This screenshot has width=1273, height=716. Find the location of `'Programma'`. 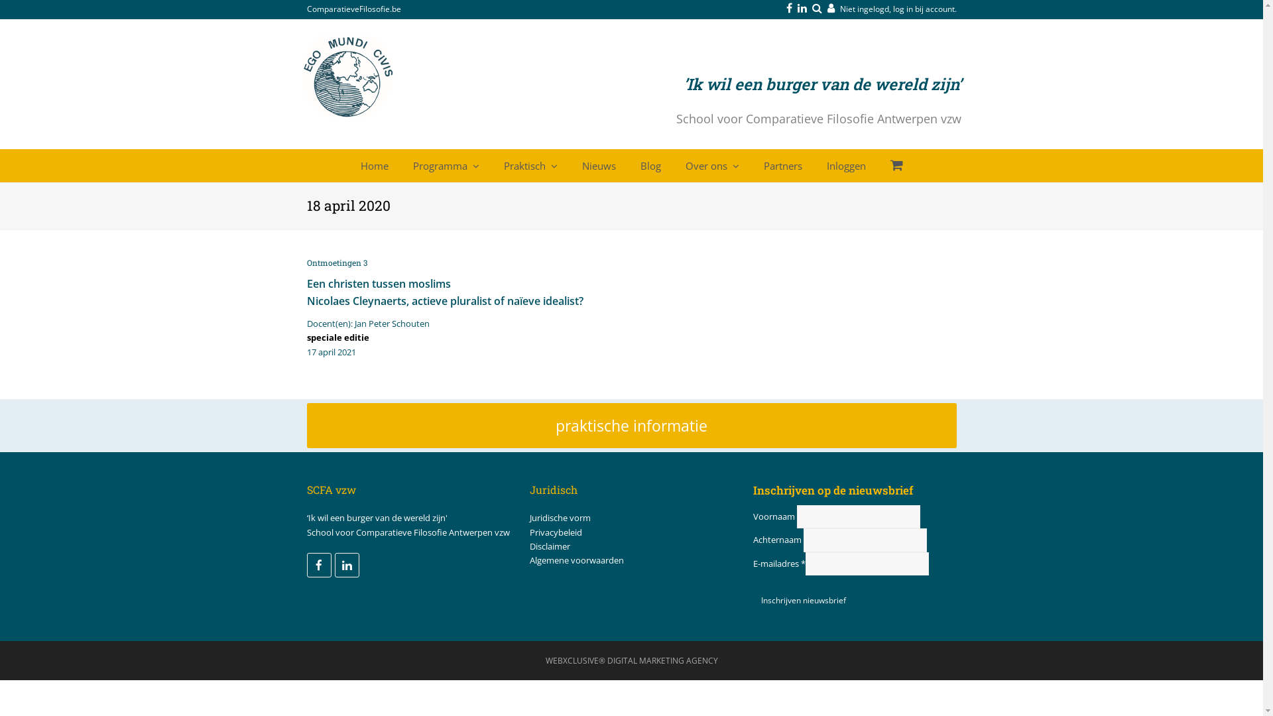

'Programma' is located at coordinates (446, 165).